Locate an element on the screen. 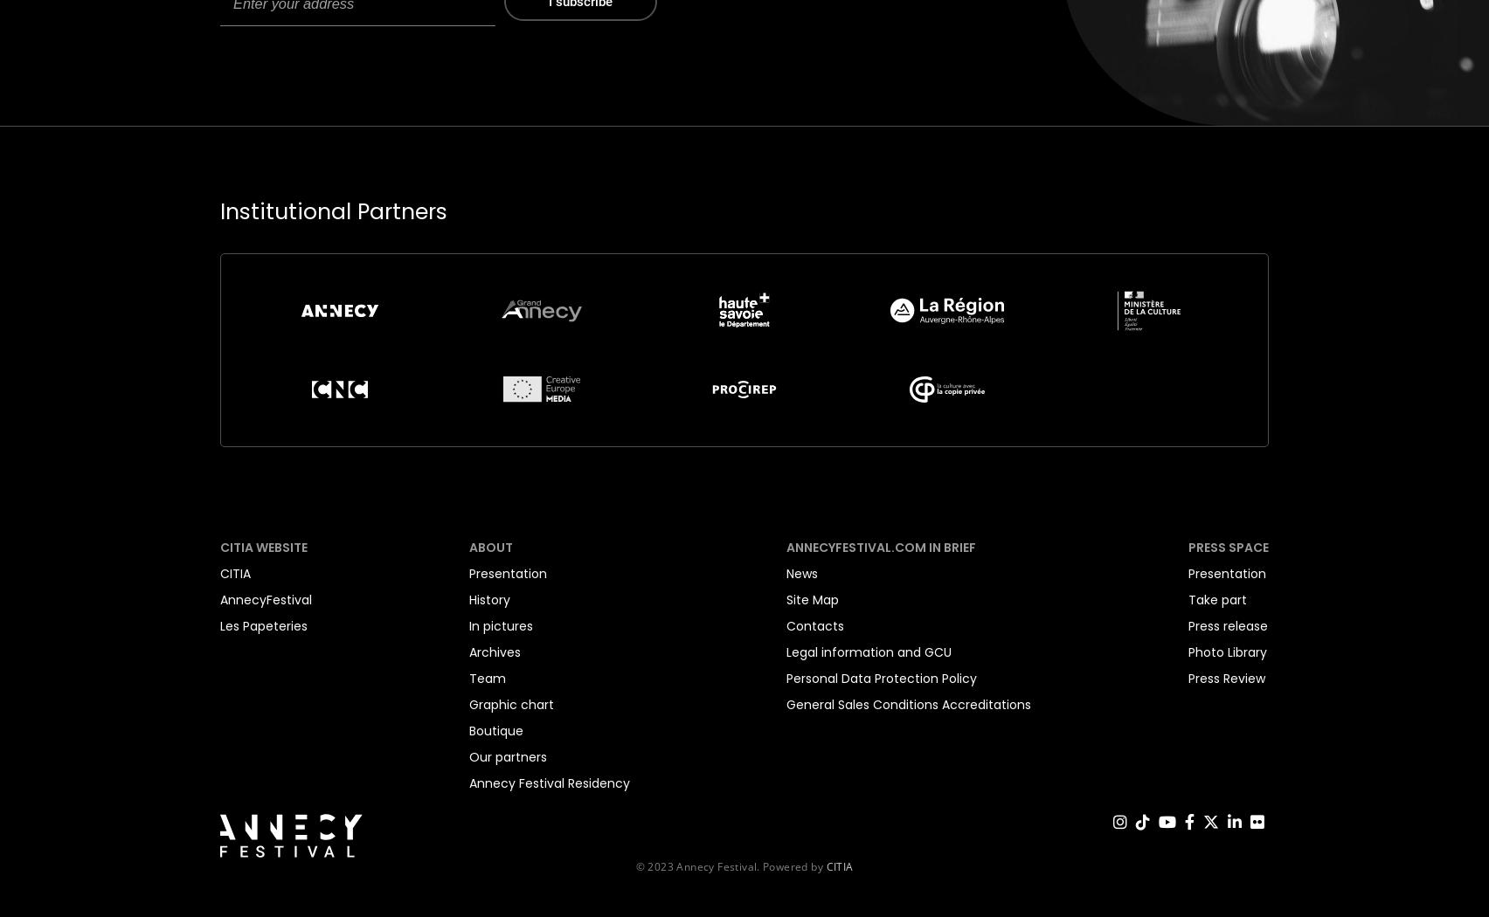 This screenshot has height=917, width=1489. 'Site Map' is located at coordinates (786, 598).